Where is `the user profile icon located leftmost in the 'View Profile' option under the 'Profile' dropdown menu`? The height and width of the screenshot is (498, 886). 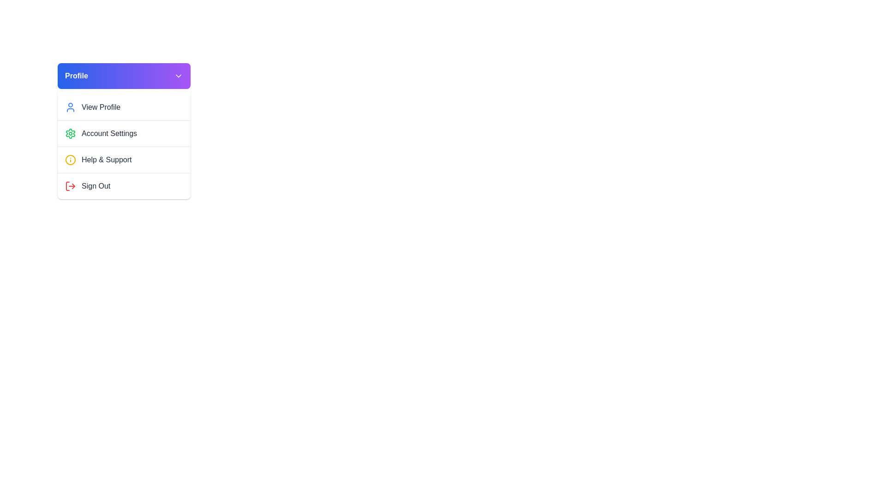 the user profile icon located leftmost in the 'View Profile' option under the 'Profile' dropdown menu is located at coordinates (70, 107).